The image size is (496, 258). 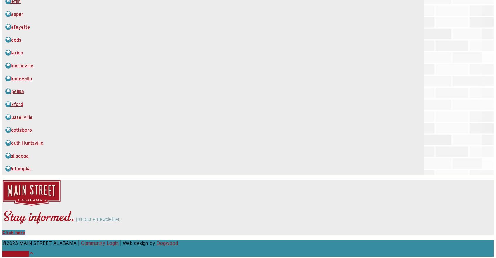 What do you see at coordinates (20, 78) in the screenshot?
I see `'Montevallo'` at bounding box center [20, 78].